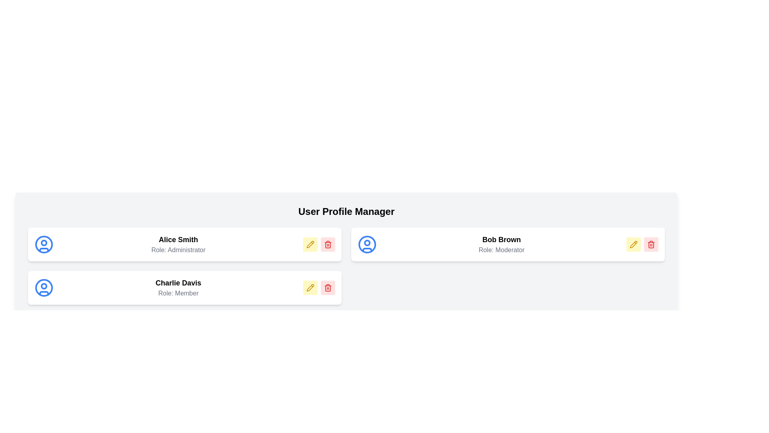 This screenshot has width=769, height=433. I want to click on the static text display showing 'Bob Brown', which is bold and slightly larger than surrounding text, located at the top-right of the interface above 'Role: Moderator', so click(501, 239).